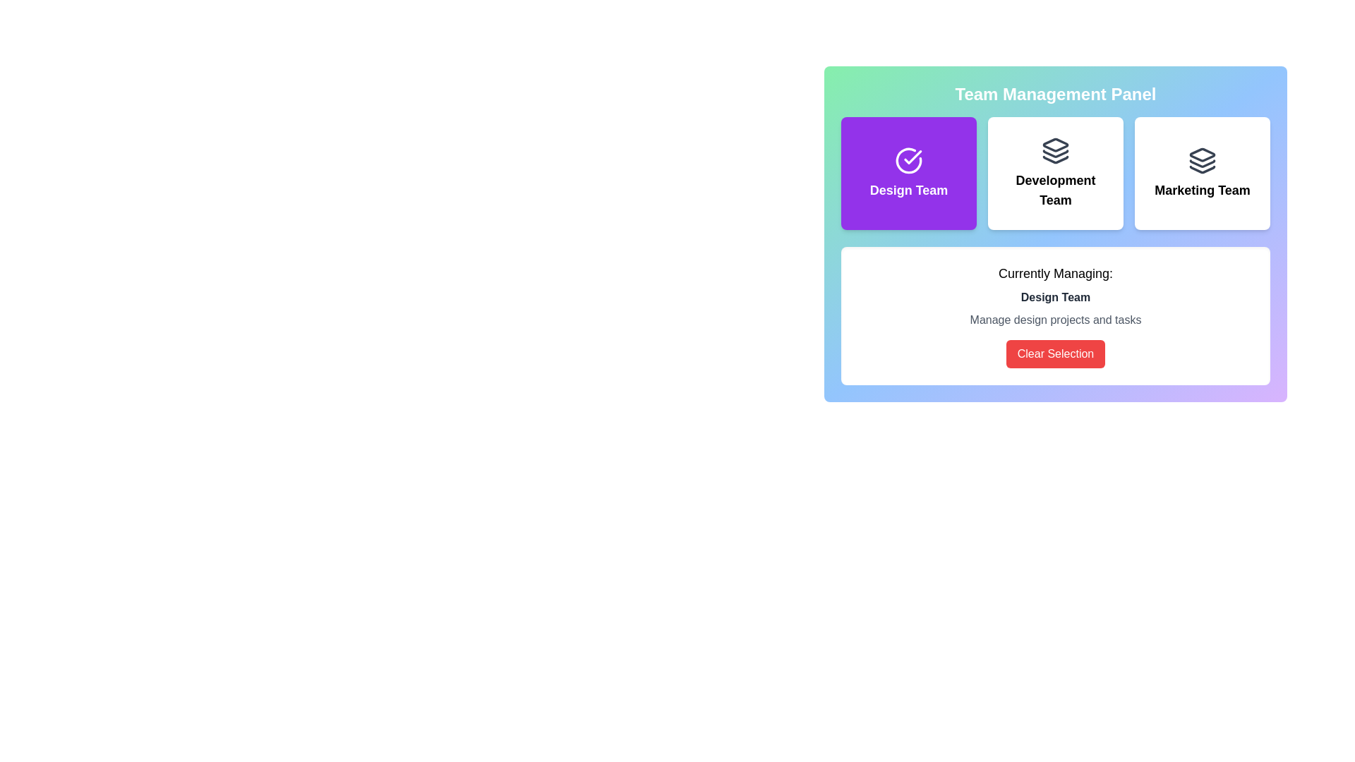 The width and height of the screenshot is (1355, 762). What do you see at coordinates (1056, 154) in the screenshot?
I see `the Decorative graphic element within the SVG, which is styled with a stroke and lacks fill, located in the top-right section of the interface above the text 'Development Team.'` at bounding box center [1056, 154].